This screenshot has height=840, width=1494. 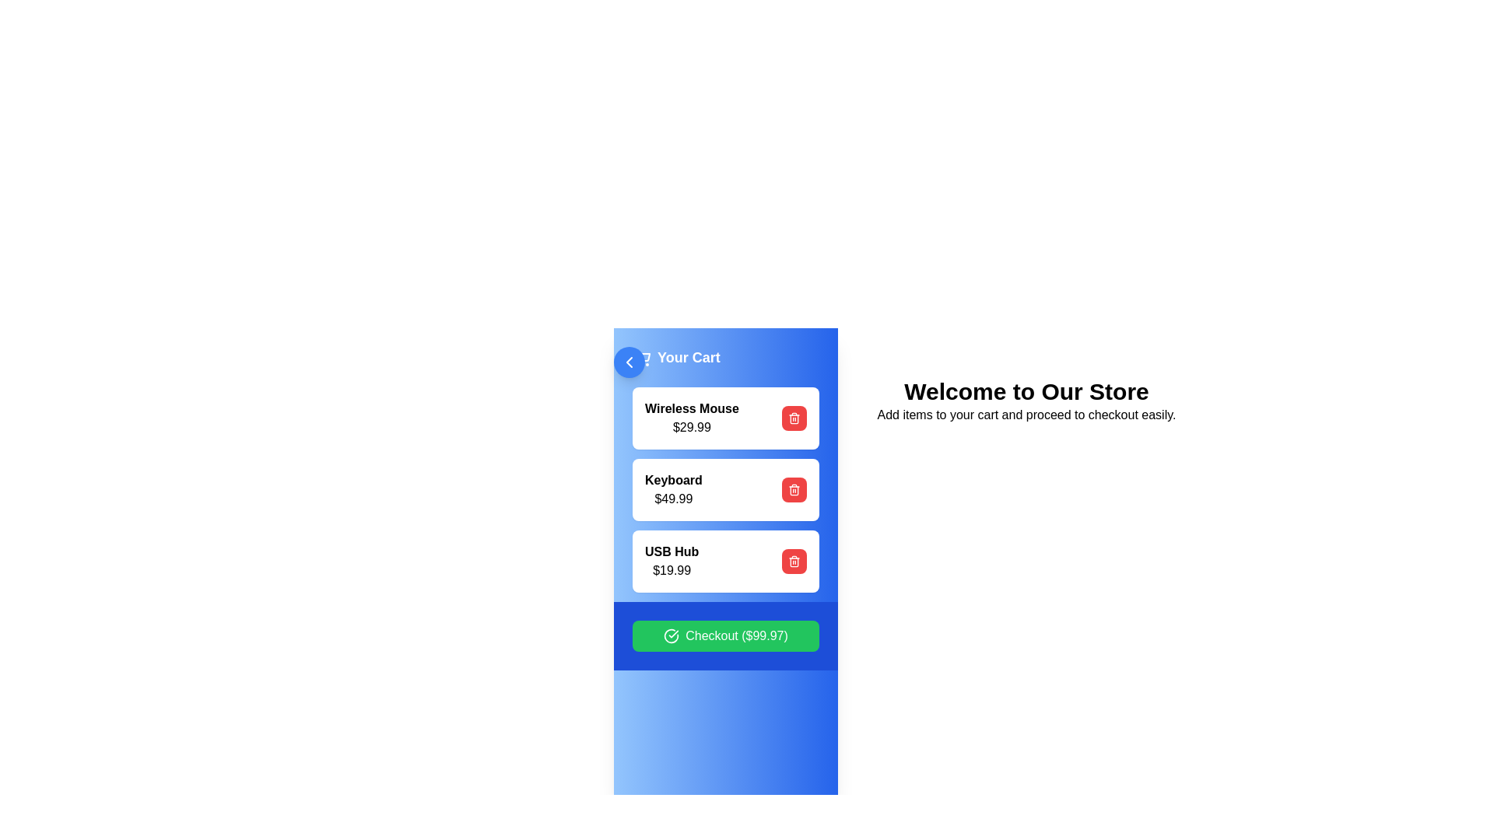 What do you see at coordinates (672, 635) in the screenshot?
I see `the confirmation icon located to the left of the 'Checkout ($99.97)' button in the 'Your Cart' modal` at bounding box center [672, 635].